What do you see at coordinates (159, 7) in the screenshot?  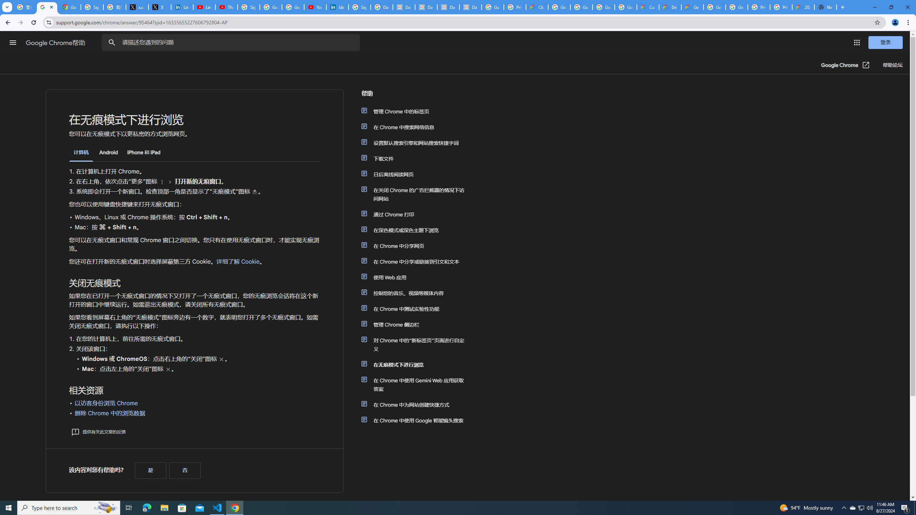 I see `'X'` at bounding box center [159, 7].